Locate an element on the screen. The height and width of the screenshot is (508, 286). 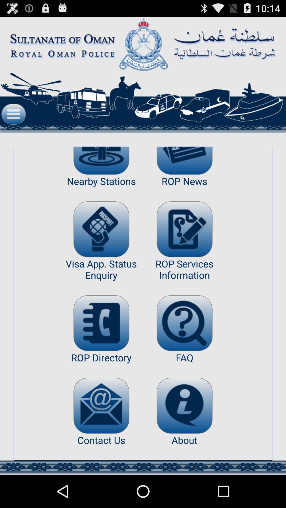
faq is located at coordinates (184, 323).